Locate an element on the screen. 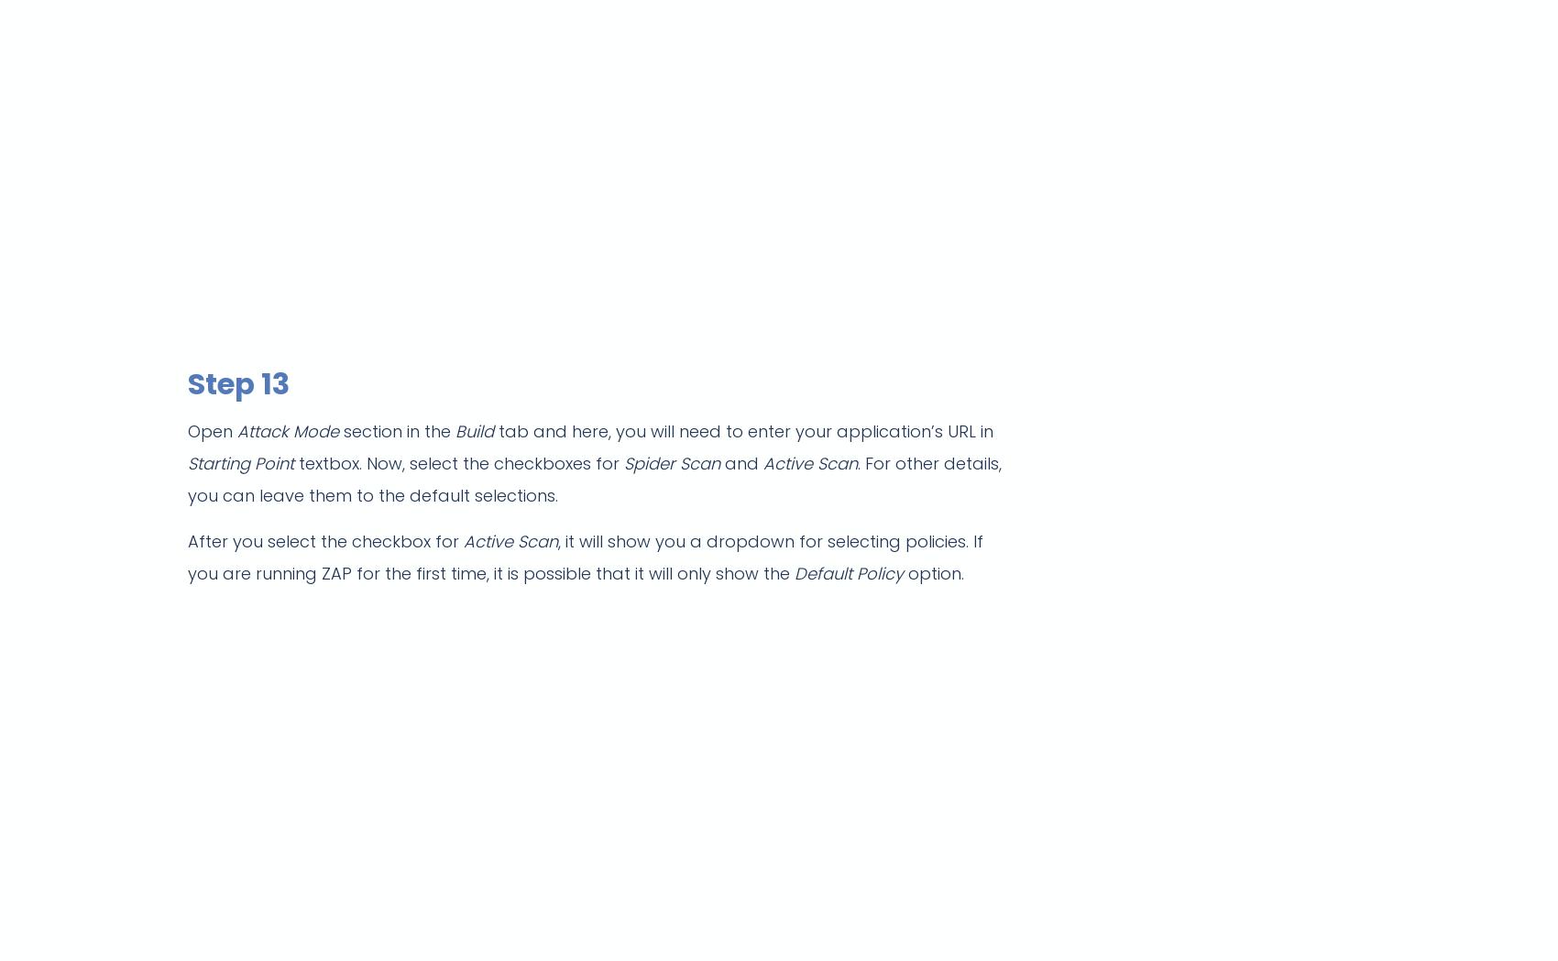 This screenshot has height=961, width=1558. 'textbox. Now, select the checkboxes for' is located at coordinates (458, 463).